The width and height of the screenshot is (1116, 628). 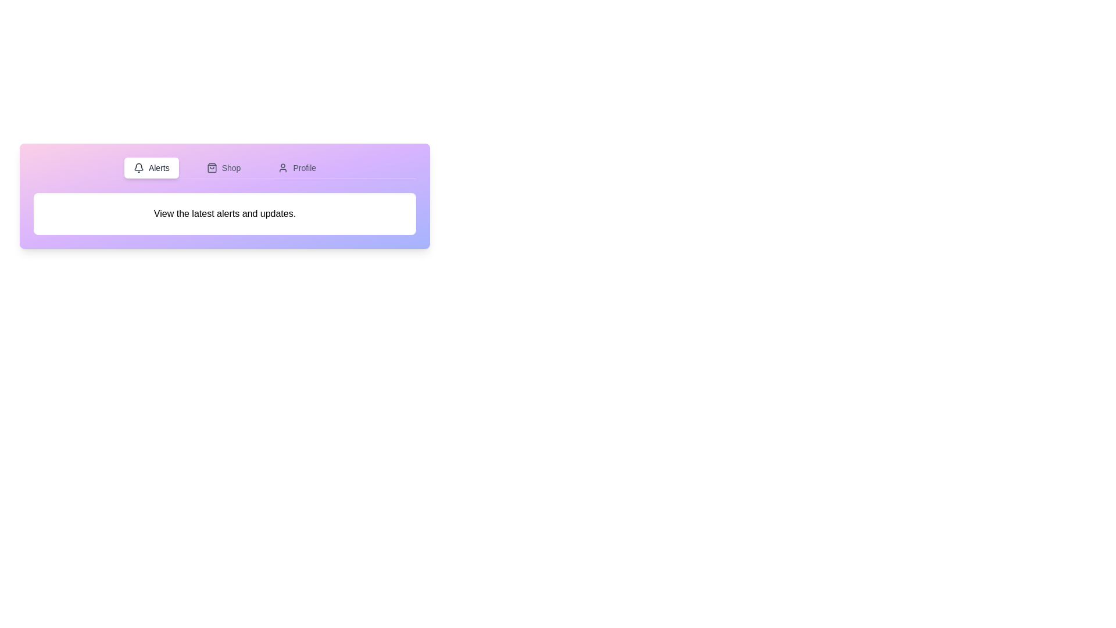 I want to click on the Shop tab, so click(x=223, y=168).